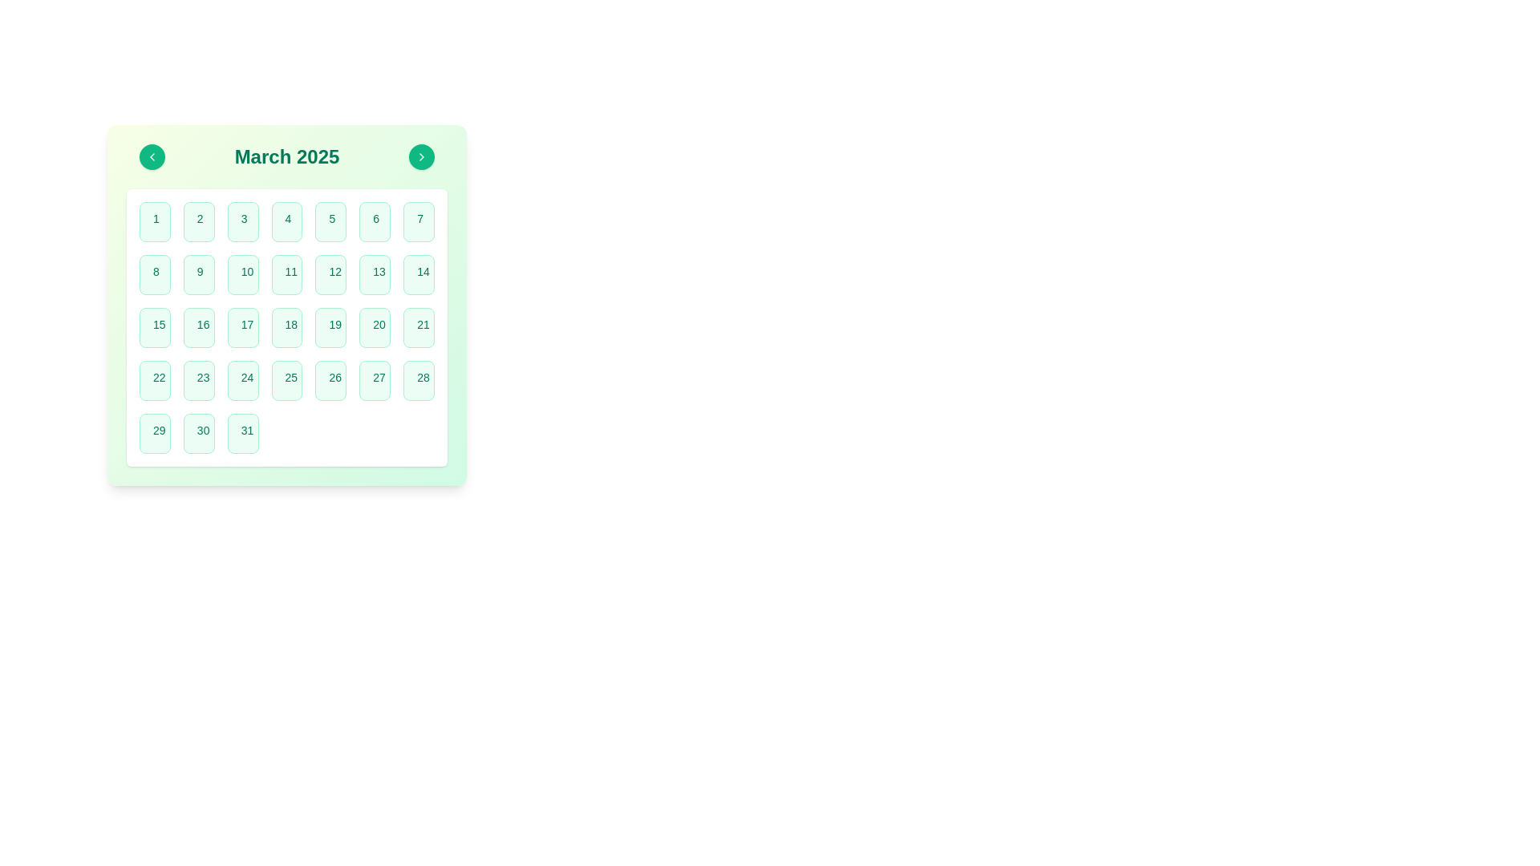  What do you see at coordinates (287, 380) in the screenshot?
I see `the Calendar day cell displaying the date '25' with a light green background` at bounding box center [287, 380].